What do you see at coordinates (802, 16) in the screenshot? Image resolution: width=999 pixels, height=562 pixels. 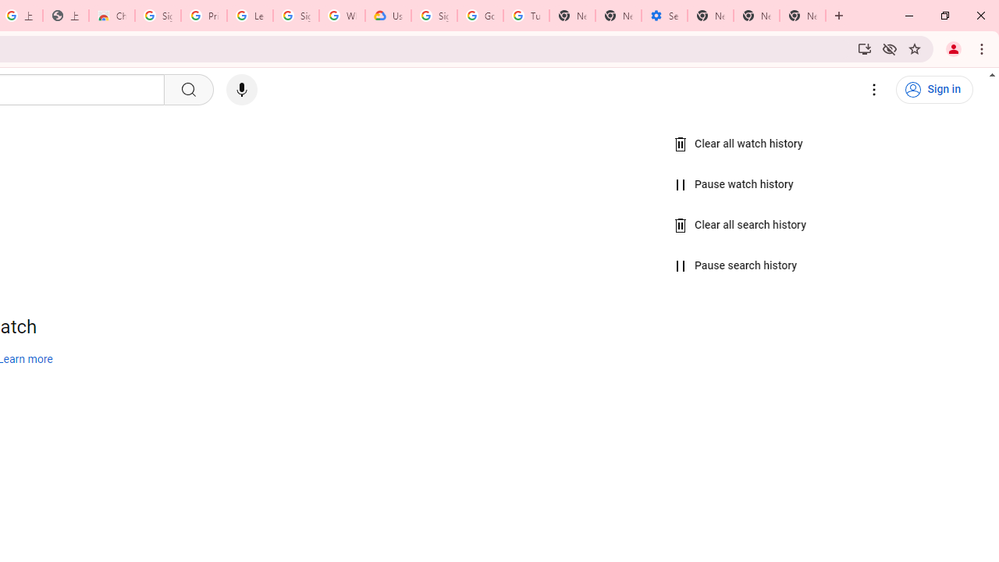 I see `'New Tab'` at bounding box center [802, 16].